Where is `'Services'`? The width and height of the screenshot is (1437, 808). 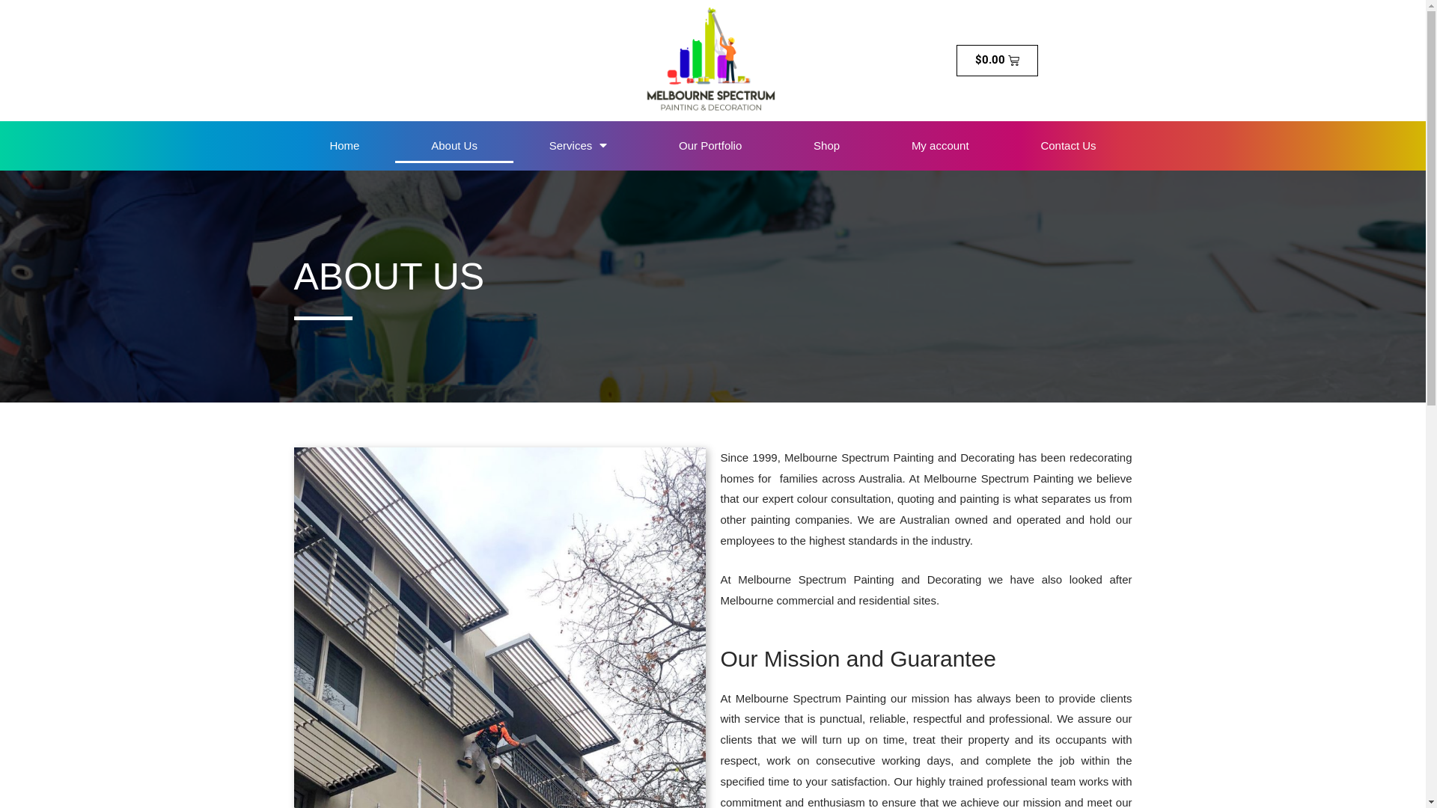 'Services' is located at coordinates (577, 146).